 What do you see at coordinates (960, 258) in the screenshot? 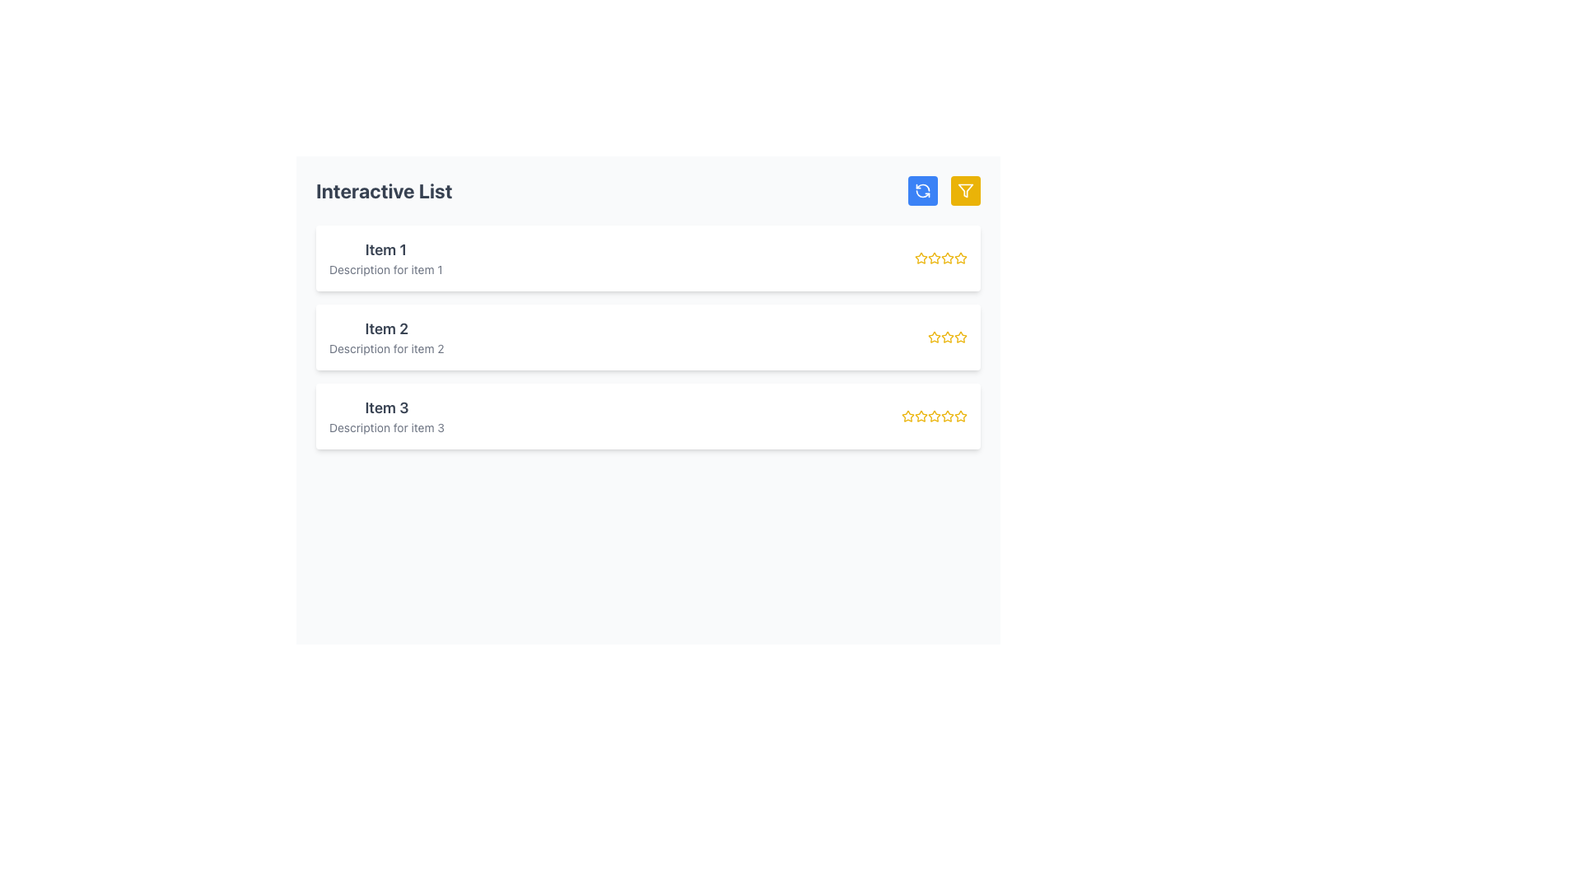
I see `the last star-shaped icon in the star rating system, which is colored yellow and indicates its visual state` at bounding box center [960, 258].